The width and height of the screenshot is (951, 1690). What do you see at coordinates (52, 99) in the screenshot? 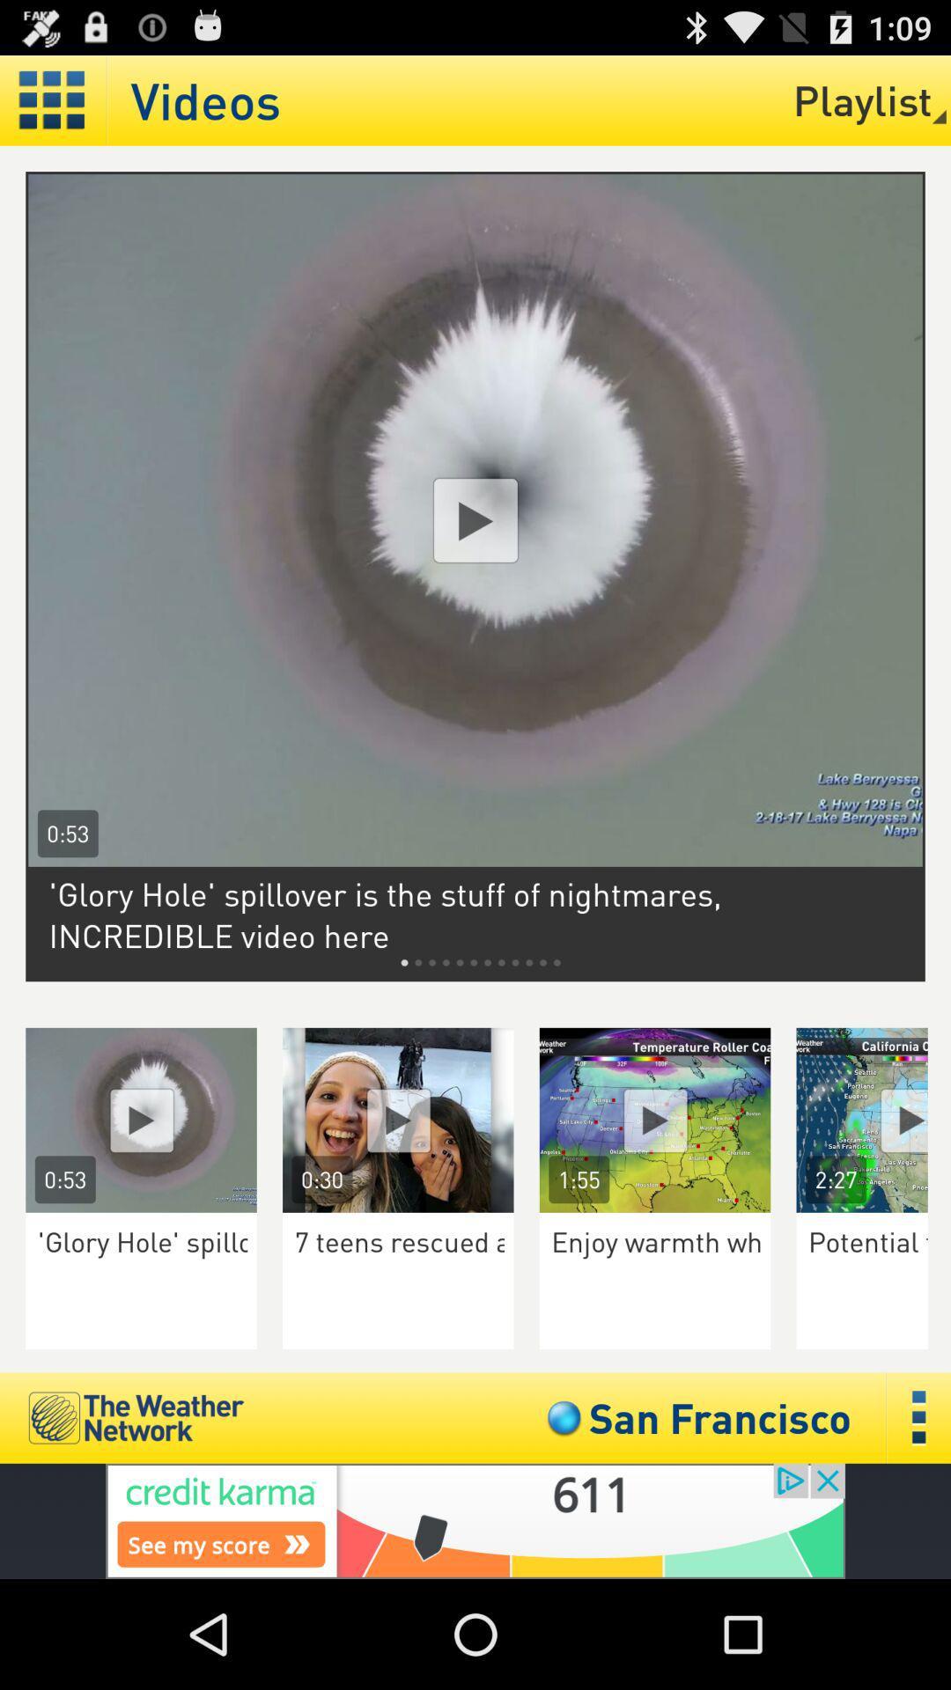
I see `setting button` at bounding box center [52, 99].